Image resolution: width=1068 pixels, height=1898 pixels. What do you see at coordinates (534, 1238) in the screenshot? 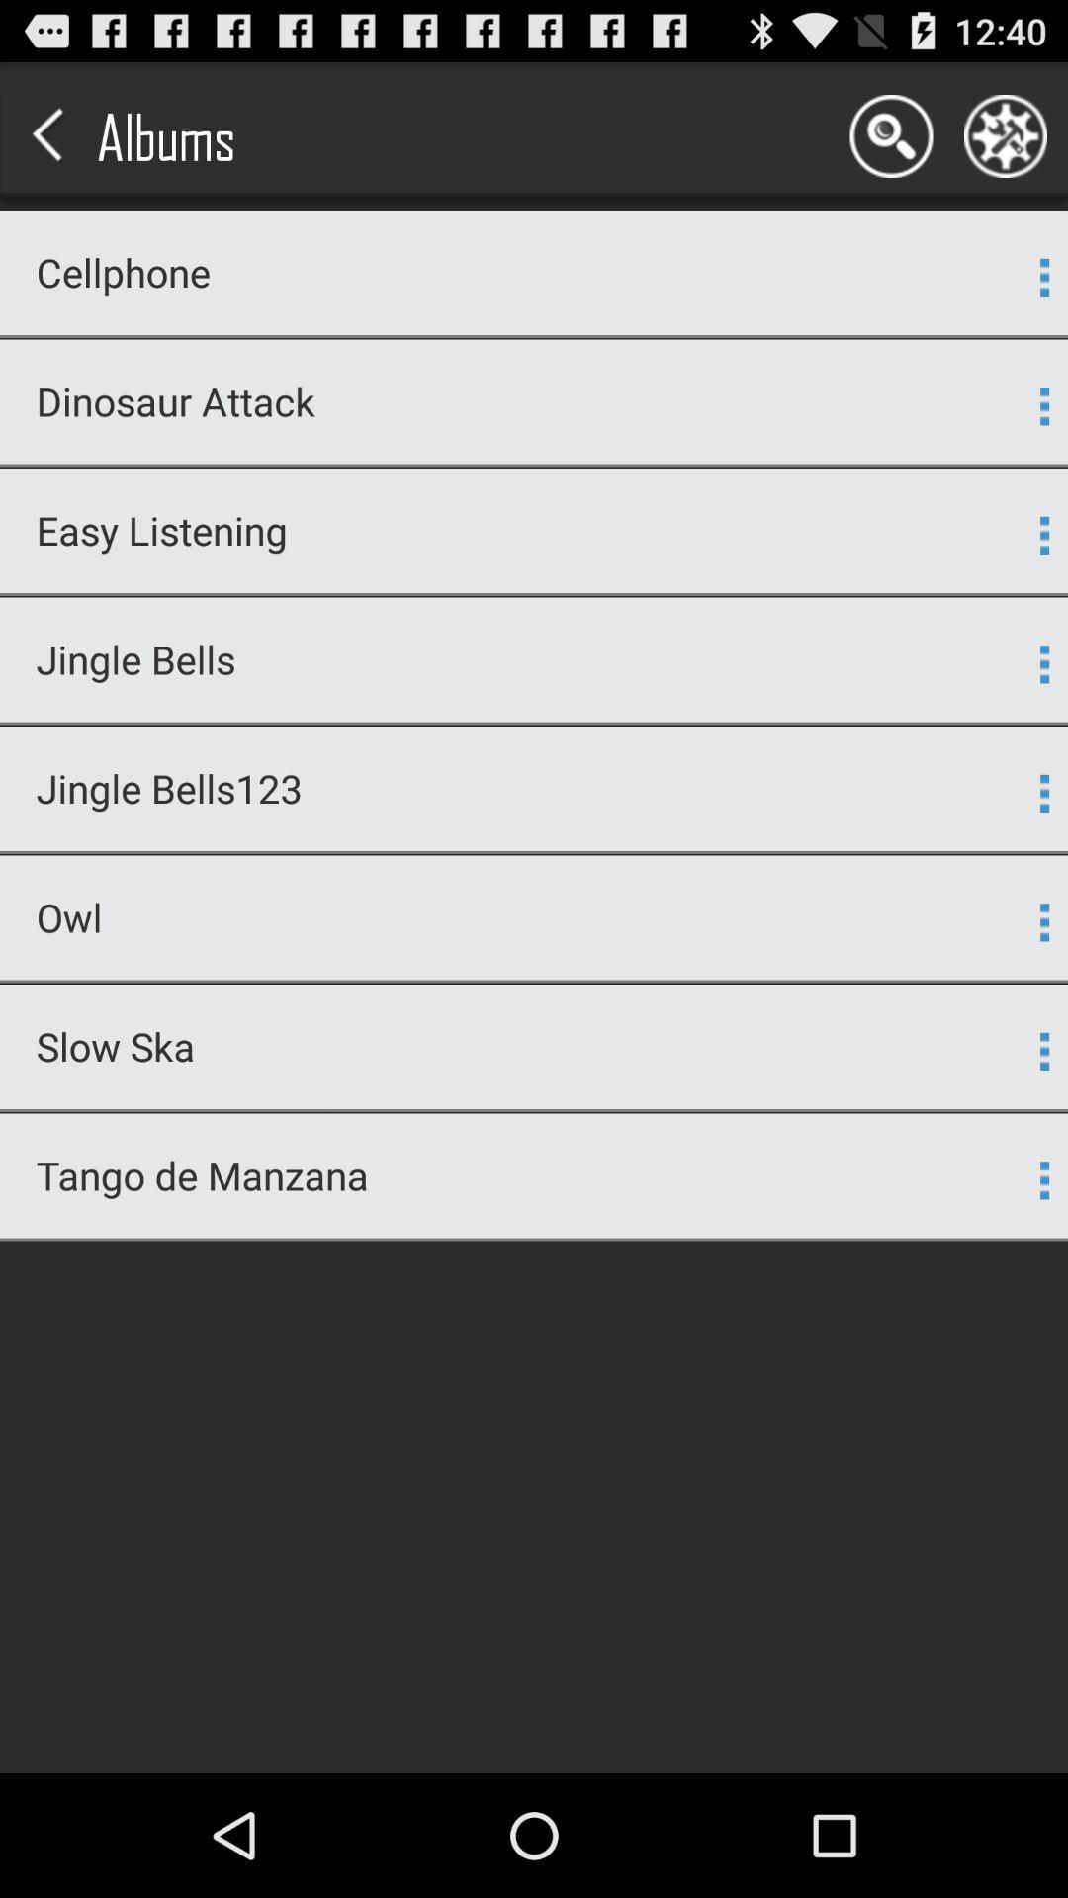
I see `the item below the tango de manzana app` at bounding box center [534, 1238].